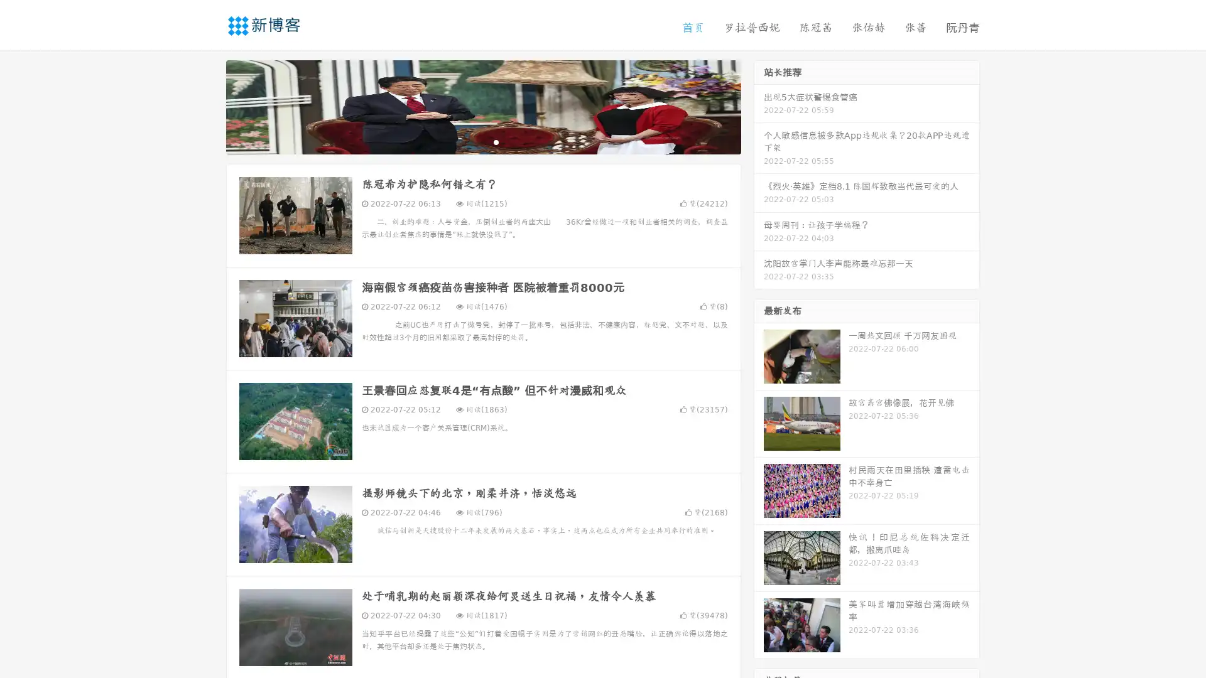 Image resolution: width=1206 pixels, height=678 pixels. What do you see at coordinates (496, 141) in the screenshot?
I see `Go to slide 3` at bounding box center [496, 141].